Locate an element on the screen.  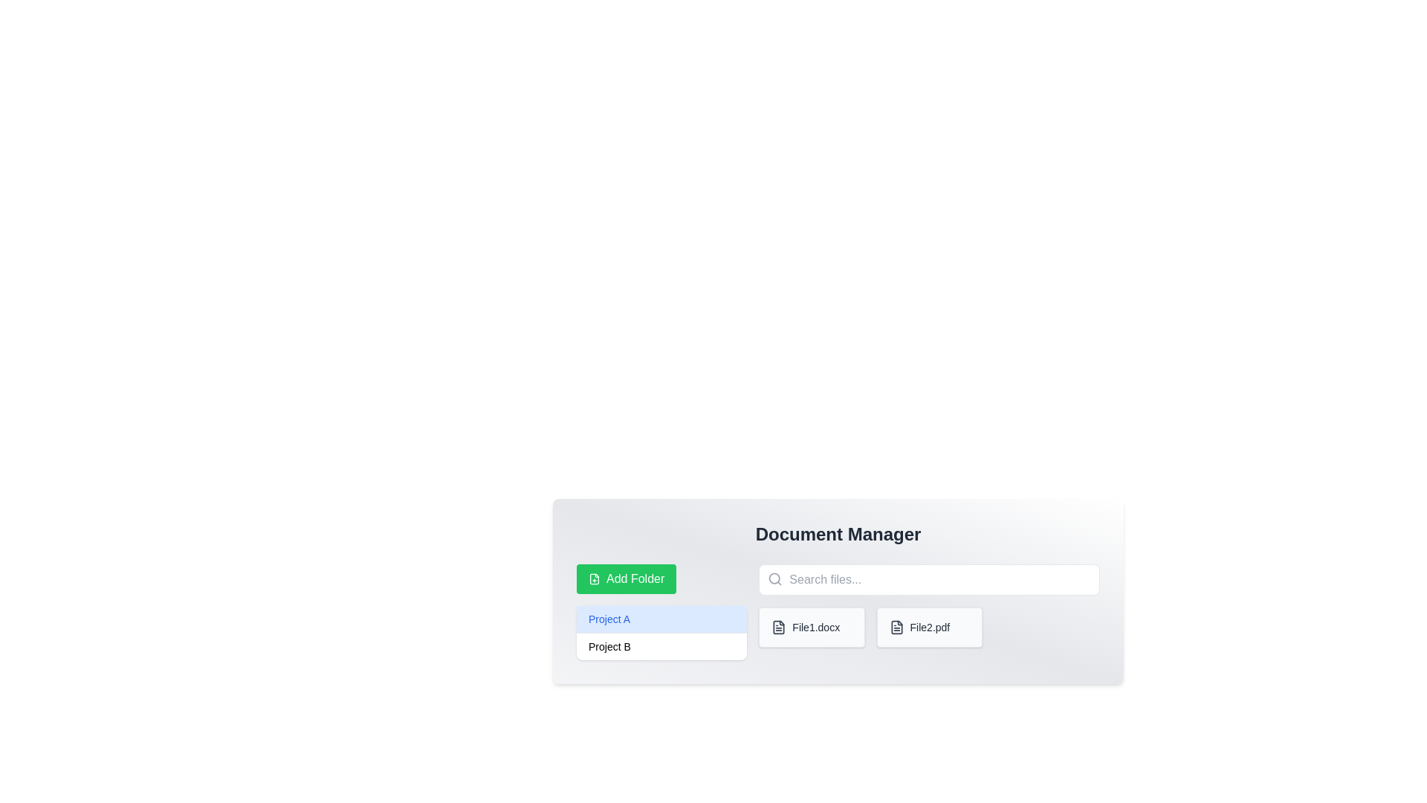
text 'File1.docx' from the label representing the file name in the first file card located in the middle section of the document manager's main view is located at coordinates (815, 628).